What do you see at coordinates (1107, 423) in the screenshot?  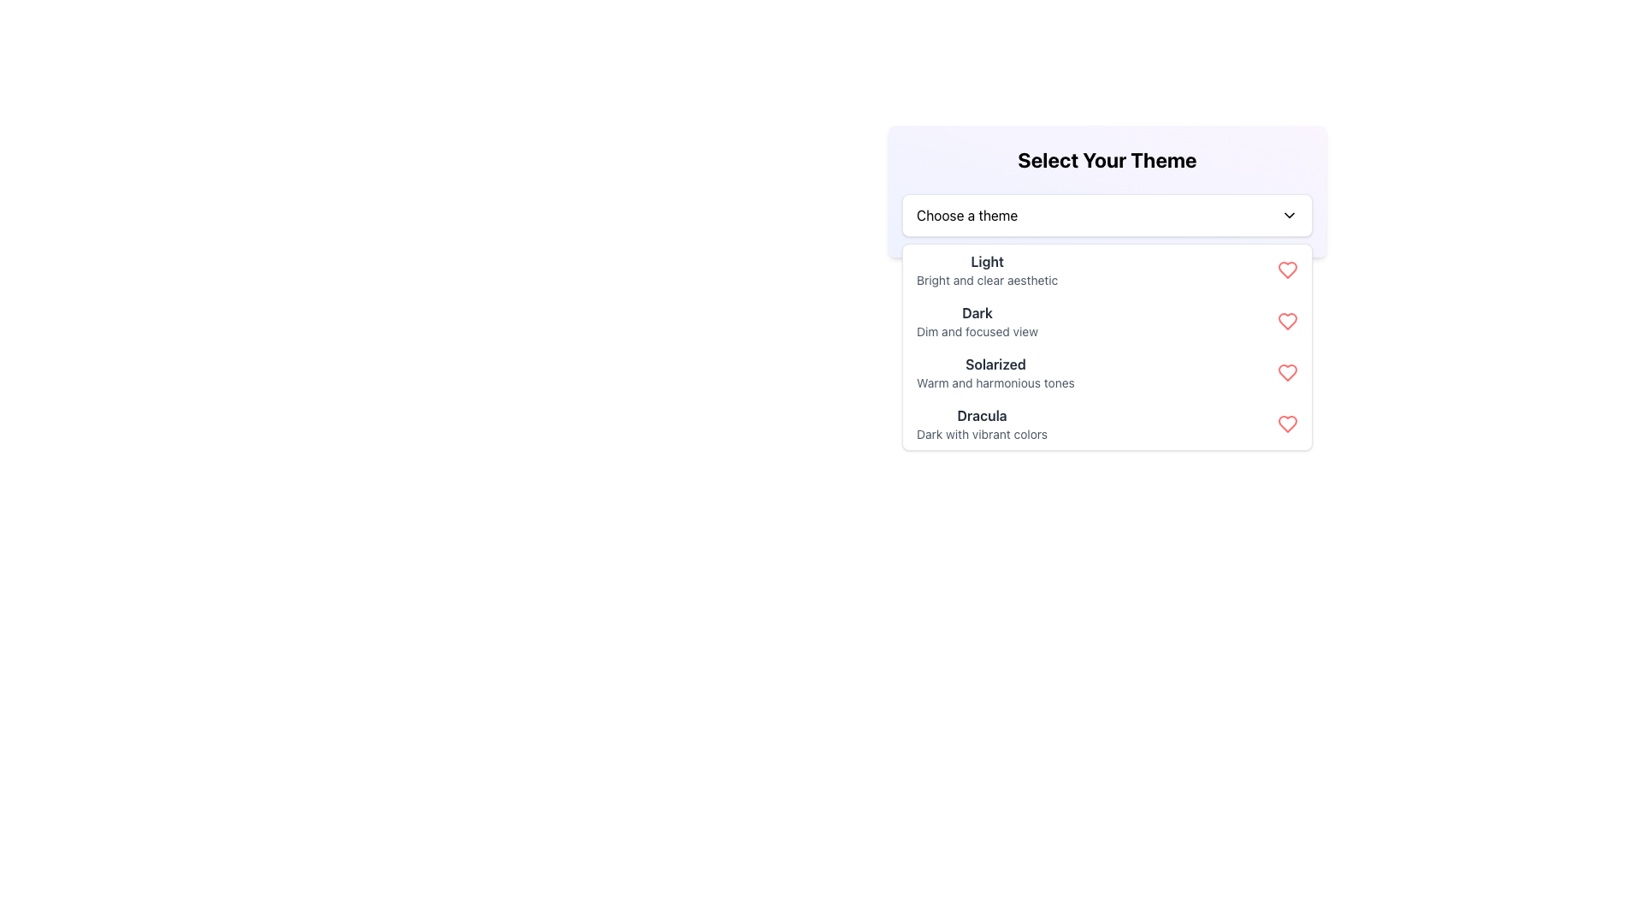 I see `the 'Dracula' theme menu item, which is the last item in the dropdown menu under 'Select Your Theme'` at bounding box center [1107, 423].